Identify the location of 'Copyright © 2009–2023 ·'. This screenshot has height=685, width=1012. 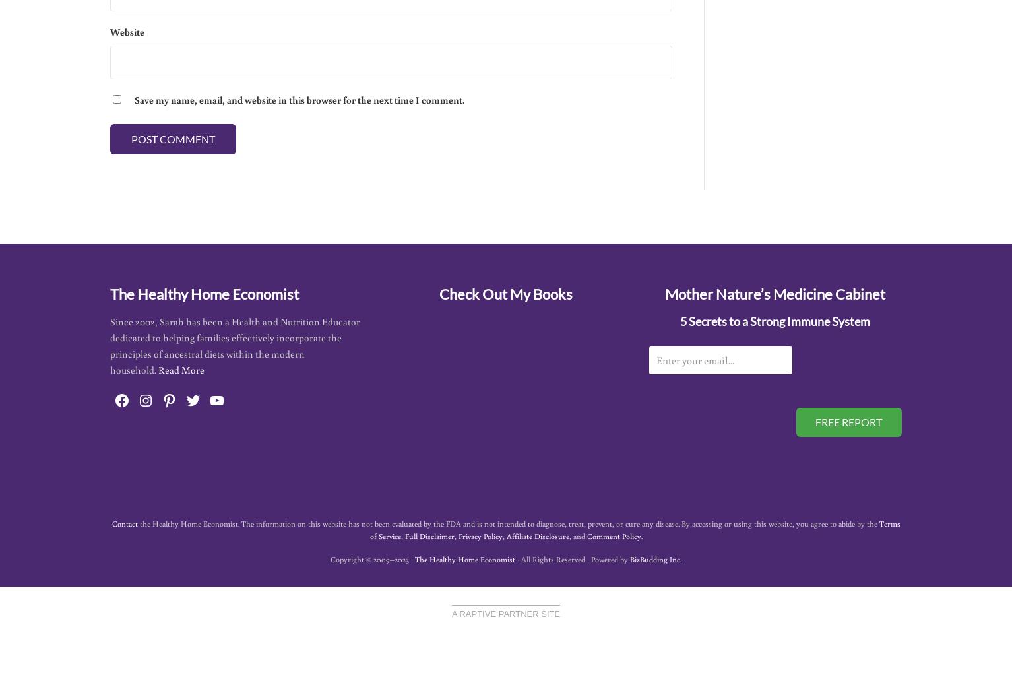
(372, 558).